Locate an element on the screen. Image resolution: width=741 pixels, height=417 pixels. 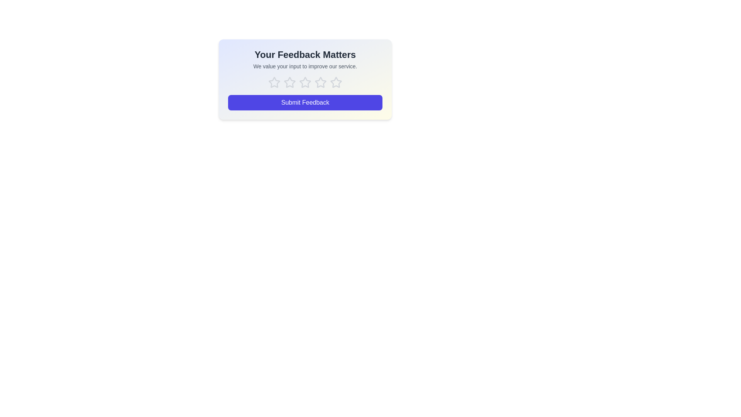
the fifth star in the rating selection row is located at coordinates (336, 82).